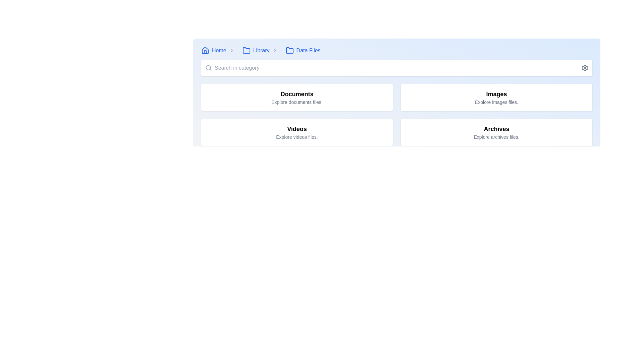  What do you see at coordinates (219, 50) in the screenshot?
I see `the 'Home' text label in the breadcrumb navigation` at bounding box center [219, 50].